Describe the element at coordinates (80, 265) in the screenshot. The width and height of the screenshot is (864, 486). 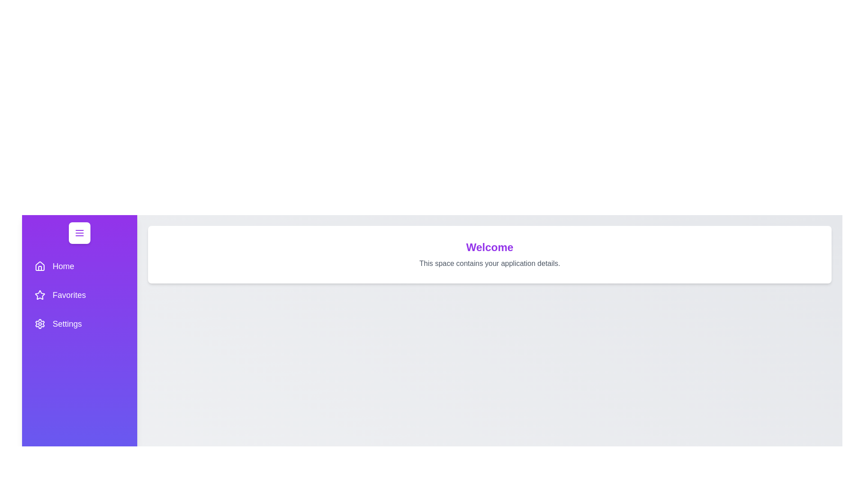
I see `the navigation item Home in the drawer` at that location.